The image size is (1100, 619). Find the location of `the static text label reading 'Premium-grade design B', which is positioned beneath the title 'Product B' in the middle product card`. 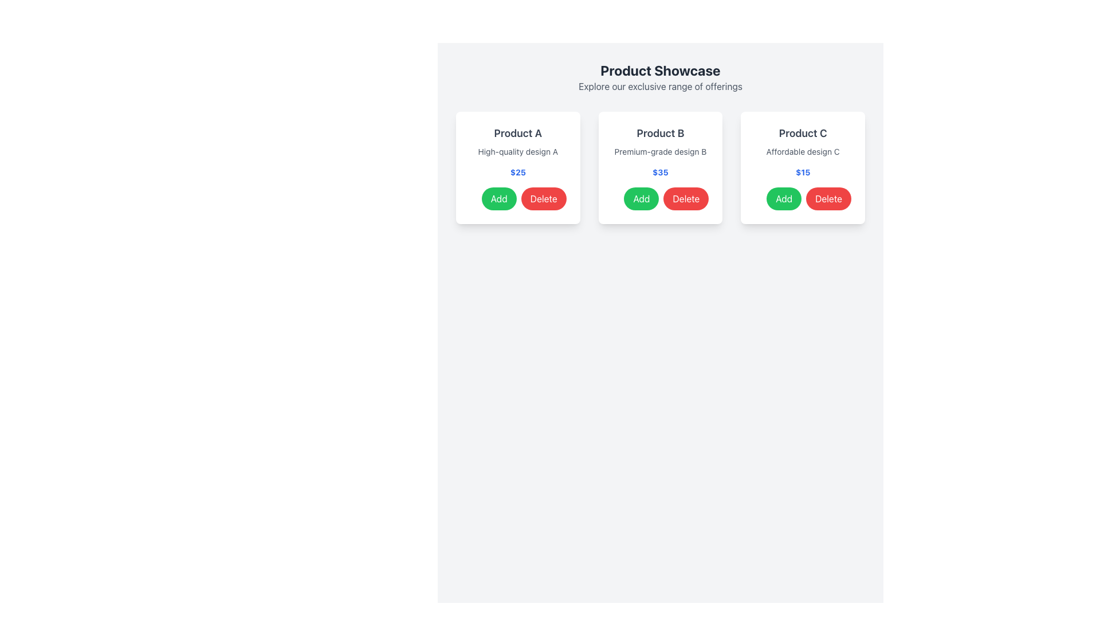

the static text label reading 'Premium-grade design B', which is positioned beneath the title 'Product B' in the middle product card is located at coordinates (660, 151).